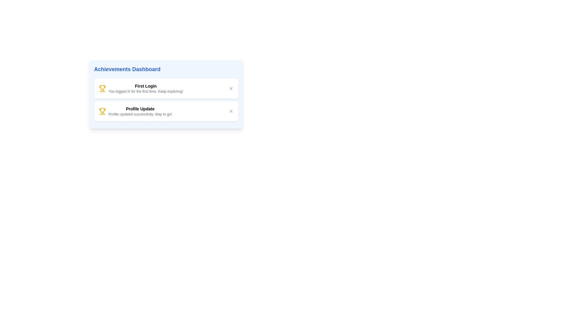 This screenshot has width=577, height=324. What do you see at coordinates (102, 110) in the screenshot?
I see `the achievement icon located on the left side of the first card in the 'Achievements Dashboard' list, near the text 'First Login.'` at bounding box center [102, 110].